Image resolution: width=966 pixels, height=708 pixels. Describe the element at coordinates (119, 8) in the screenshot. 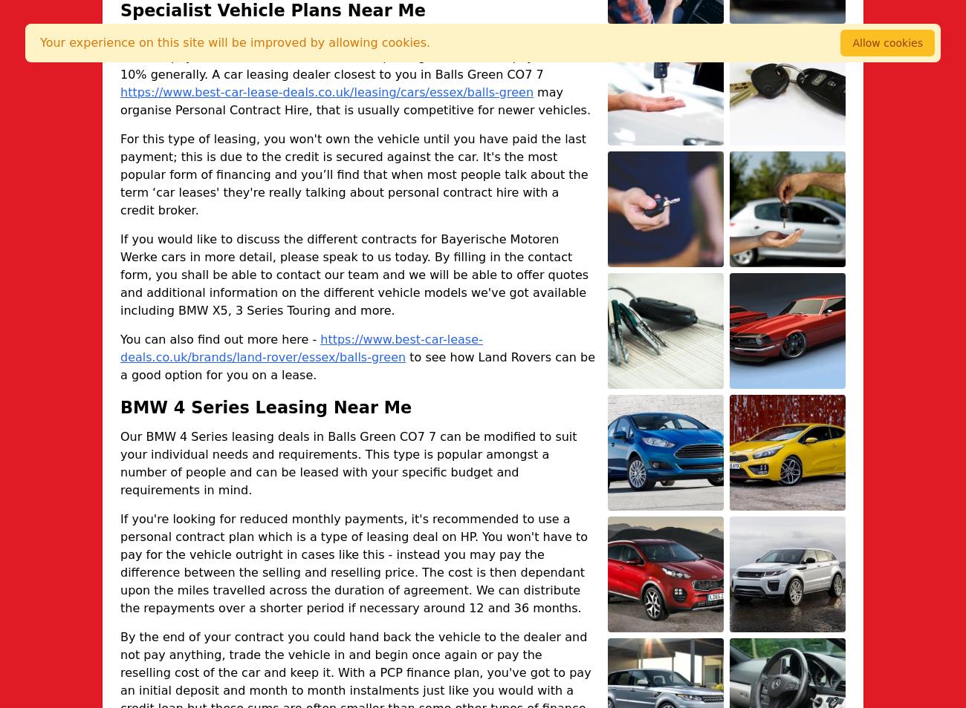

I see `'Specialist Vehicle Plans Near Me'` at that location.